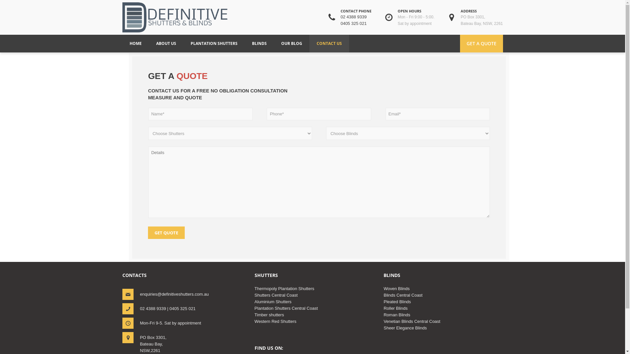  What do you see at coordinates (395, 308) in the screenshot?
I see `'Roller Blinds'` at bounding box center [395, 308].